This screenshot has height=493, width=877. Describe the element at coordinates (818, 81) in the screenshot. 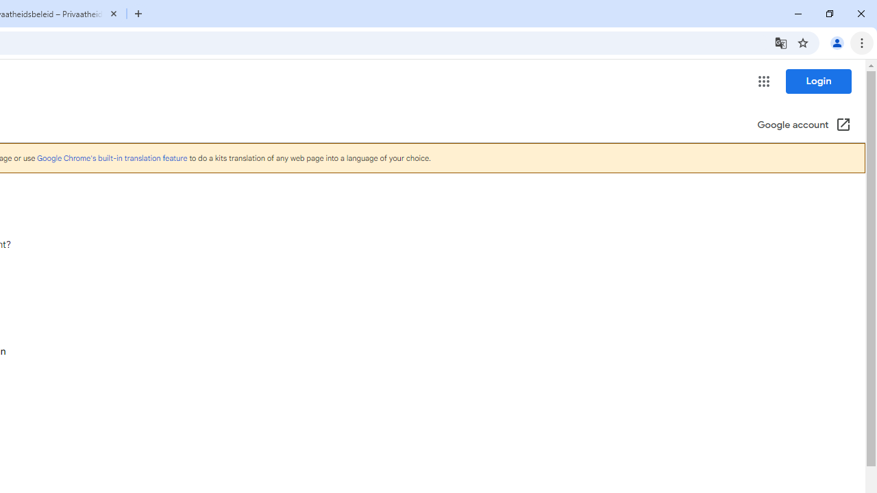

I see `'Login'` at that location.